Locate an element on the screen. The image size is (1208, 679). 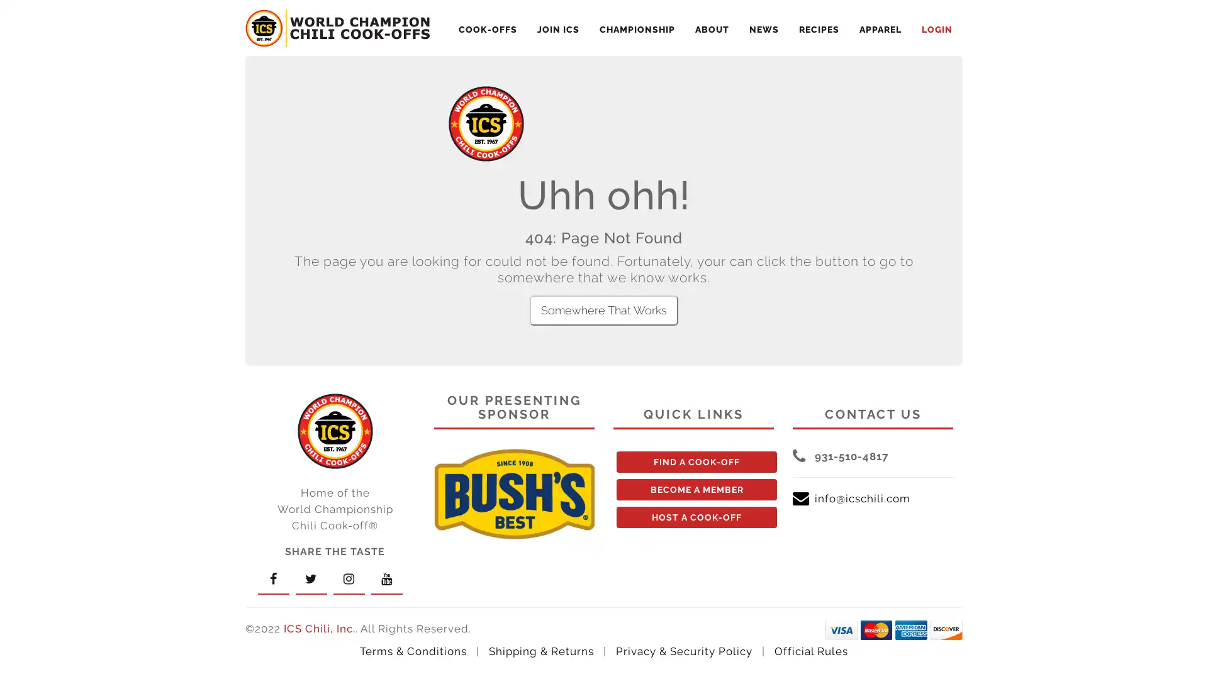
Somewhere That Works is located at coordinates (604, 310).